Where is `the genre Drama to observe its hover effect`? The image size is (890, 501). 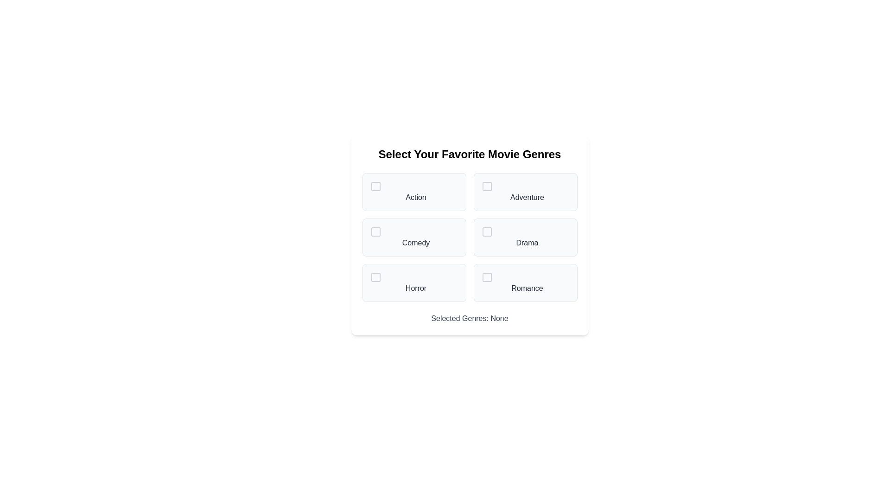 the genre Drama to observe its hover effect is located at coordinates (525, 237).